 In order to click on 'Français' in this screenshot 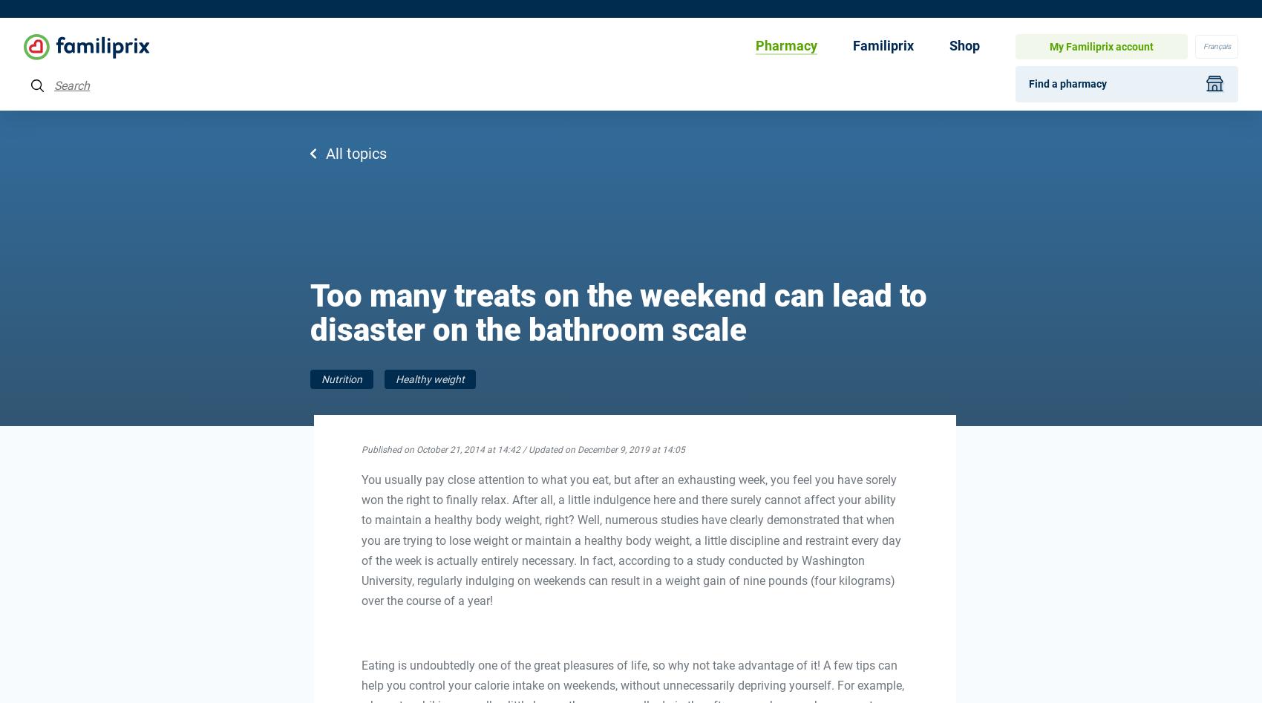, I will do `click(1215, 45)`.